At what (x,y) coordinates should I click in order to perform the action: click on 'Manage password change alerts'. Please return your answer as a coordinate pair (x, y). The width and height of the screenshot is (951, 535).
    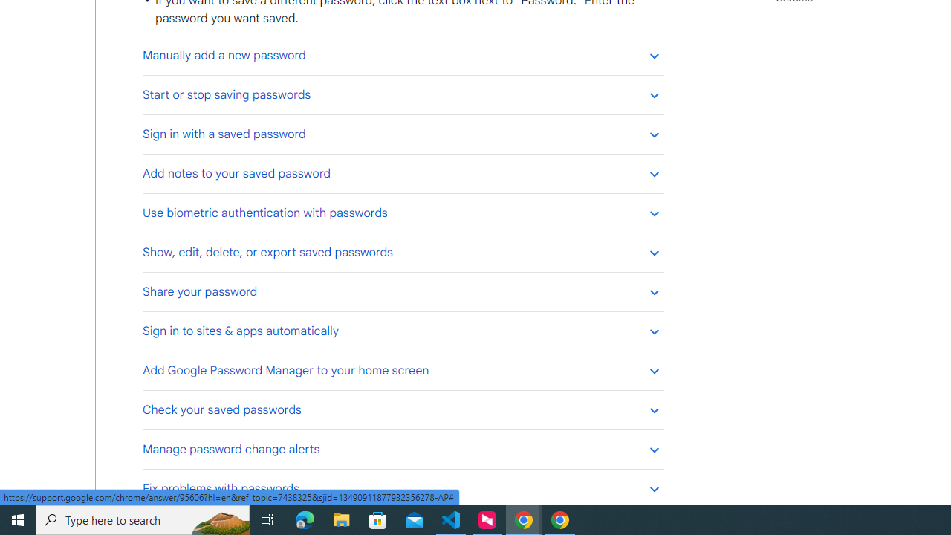
    Looking at the image, I should click on (403, 448).